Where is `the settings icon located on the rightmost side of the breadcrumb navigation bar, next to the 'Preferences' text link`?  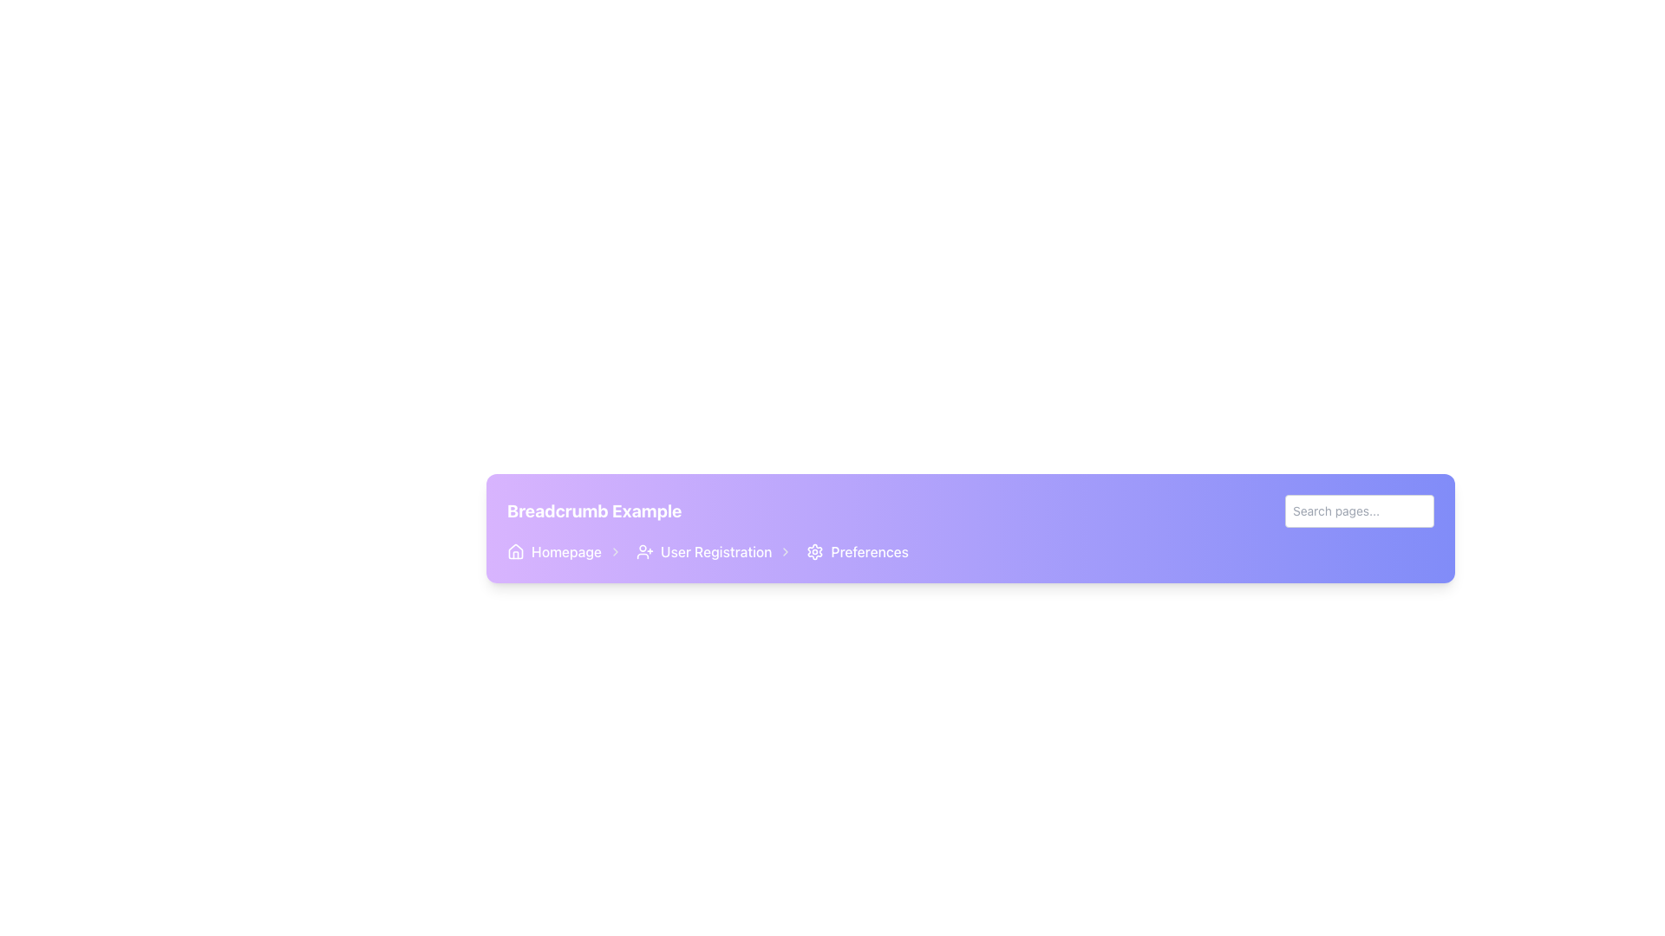 the settings icon located on the rightmost side of the breadcrumb navigation bar, next to the 'Preferences' text link is located at coordinates (814, 551).